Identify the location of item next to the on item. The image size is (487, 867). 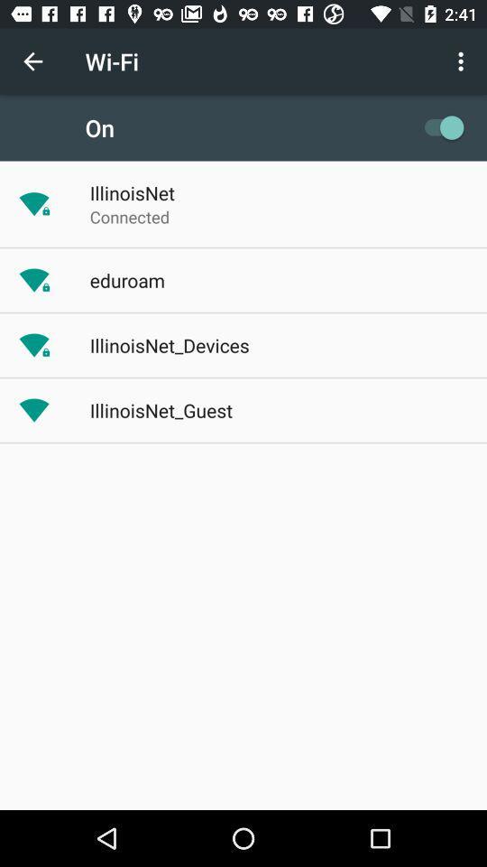
(438, 126).